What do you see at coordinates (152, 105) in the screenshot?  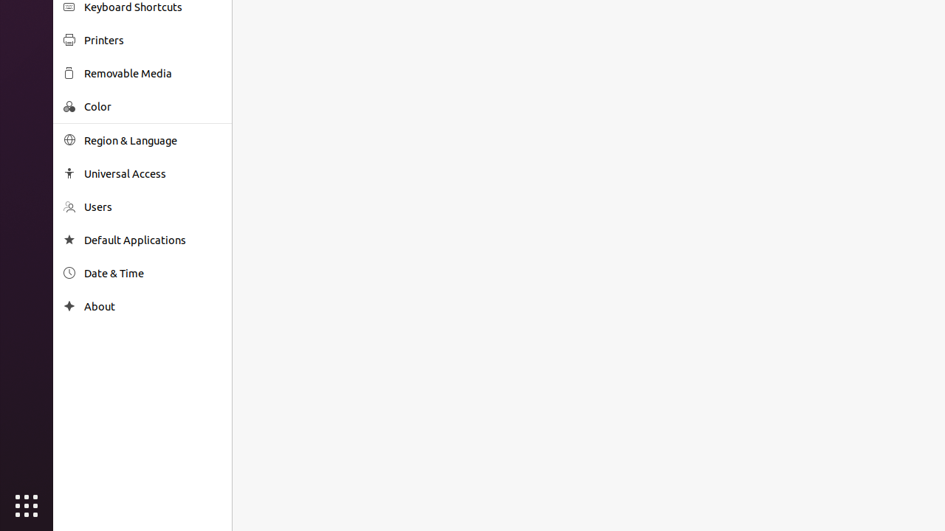 I see `'Color'` at bounding box center [152, 105].